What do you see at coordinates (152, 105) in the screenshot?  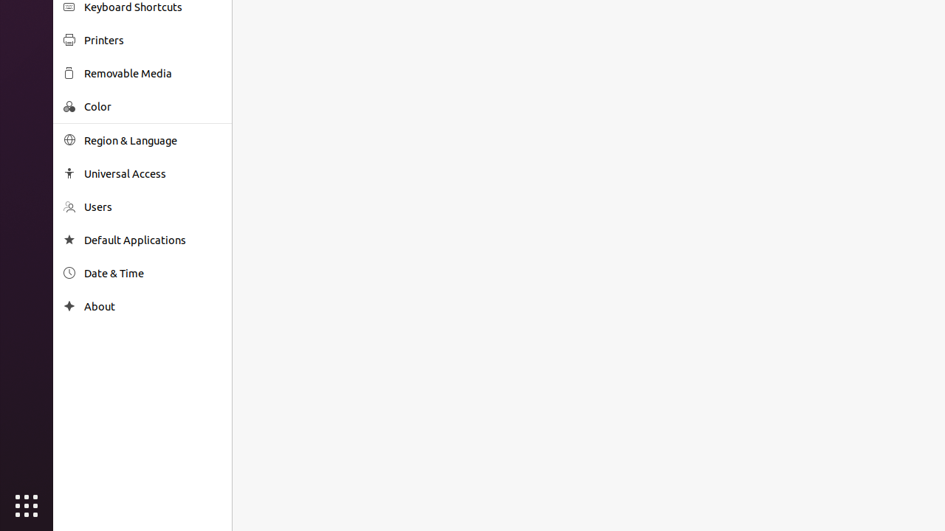 I see `'Color'` at bounding box center [152, 105].